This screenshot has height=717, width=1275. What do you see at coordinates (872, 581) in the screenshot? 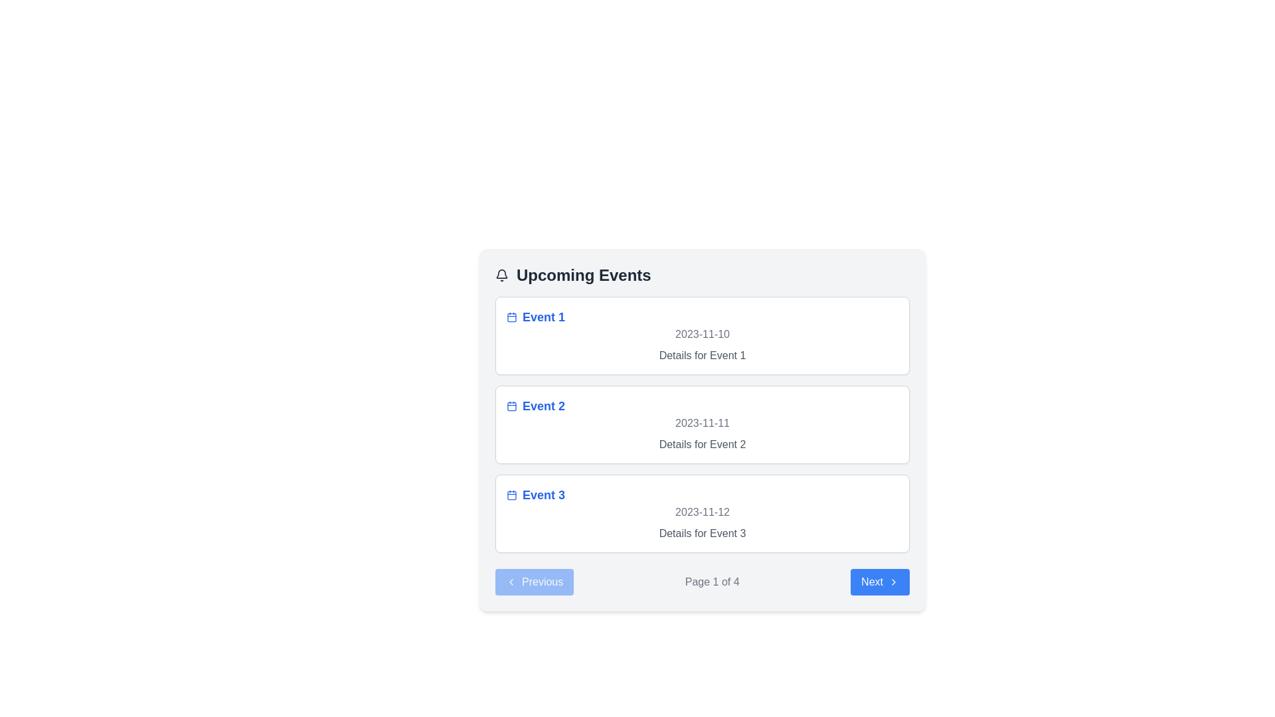
I see `the text label reading 'Next' located on a button with a blue background and white text, positioned at the center-left side of the button` at bounding box center [872, 581].